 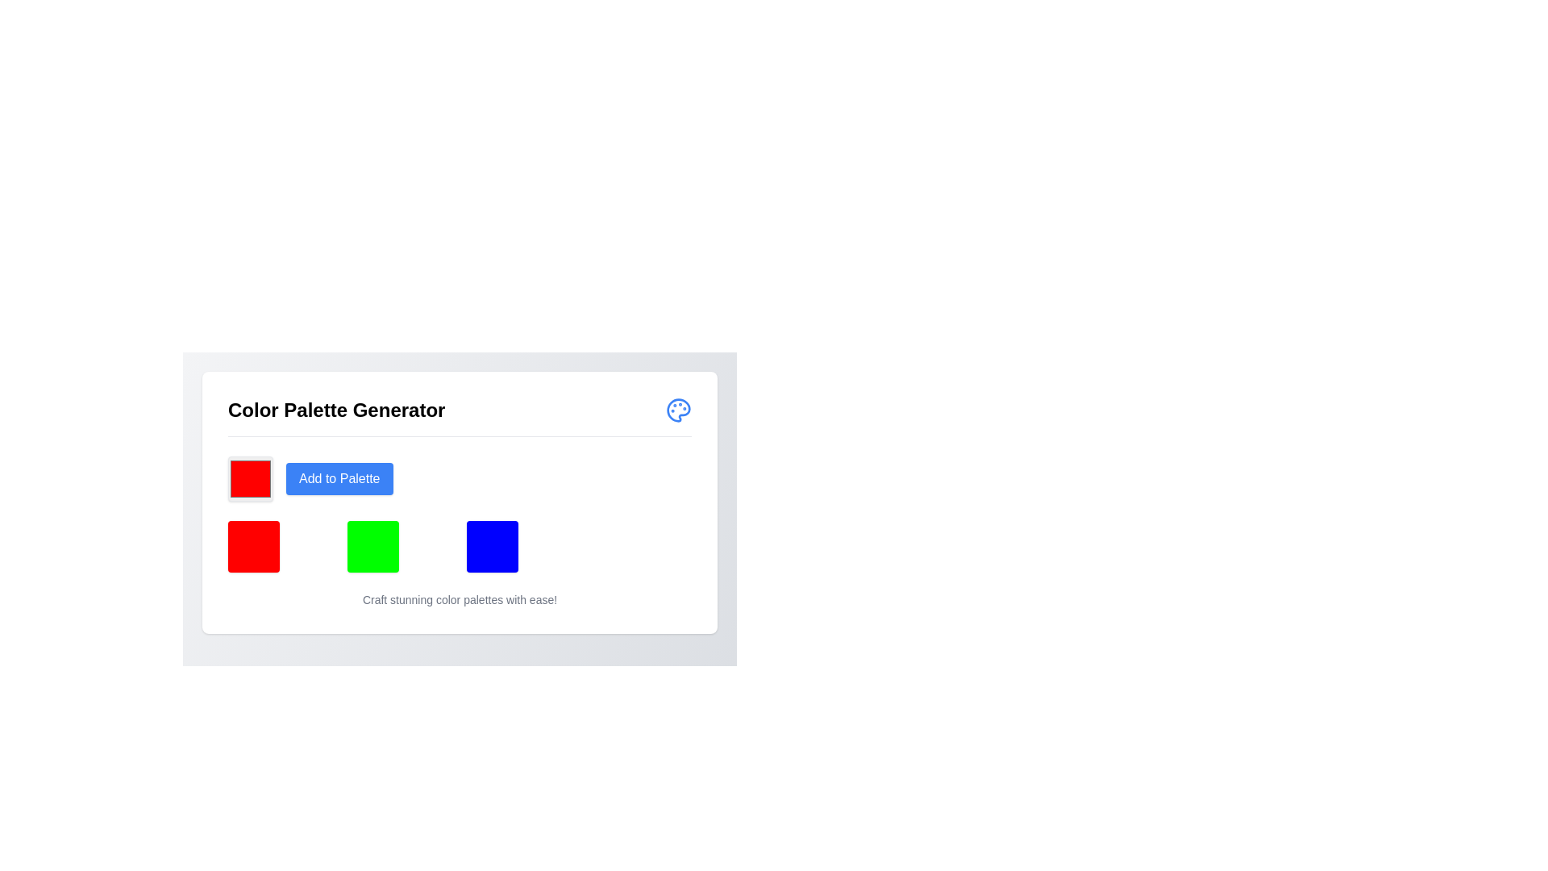 I want to click on the static instructional text located at the bottom of the Color Palette Generator interface, which provides context for creating color palettes, so click(x=459, y=600).